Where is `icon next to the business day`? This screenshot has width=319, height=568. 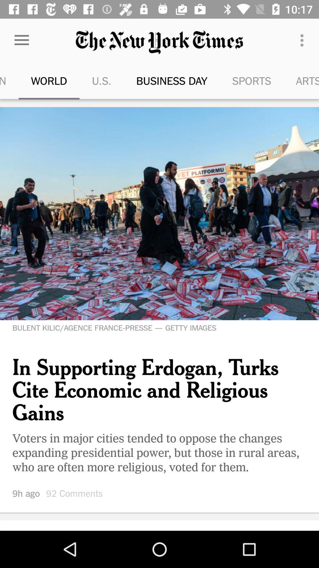 icon next to the business day is located at coordinates (236, 80).